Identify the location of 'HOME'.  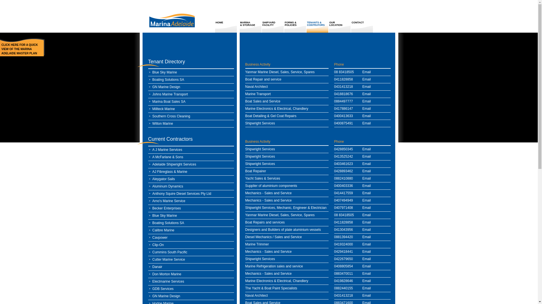
(226, 27).